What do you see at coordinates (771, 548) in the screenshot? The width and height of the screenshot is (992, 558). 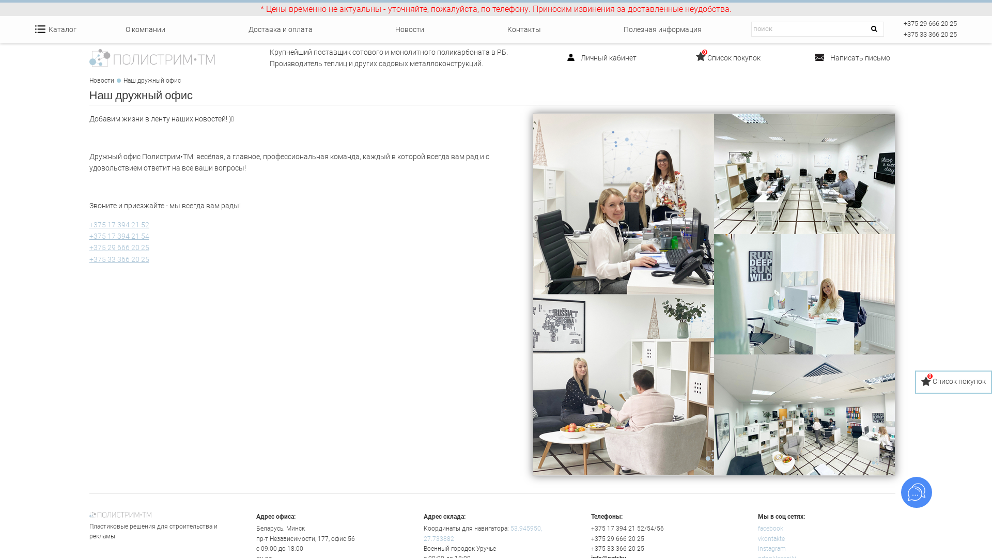 I see `'instagram'` at bounding box center [771, 548].